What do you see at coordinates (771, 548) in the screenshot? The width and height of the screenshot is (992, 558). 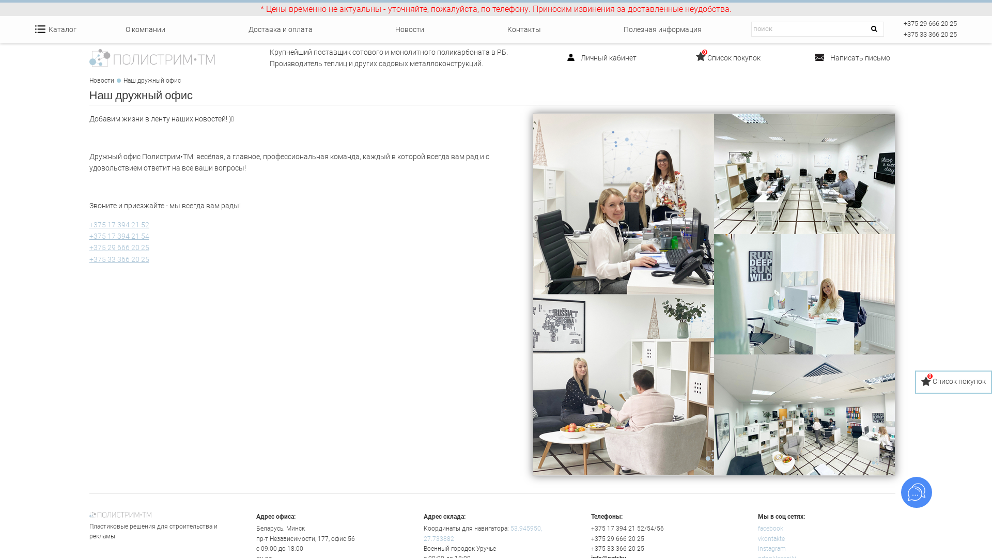 I see `'instagram'` at bounding box center [771, 548].